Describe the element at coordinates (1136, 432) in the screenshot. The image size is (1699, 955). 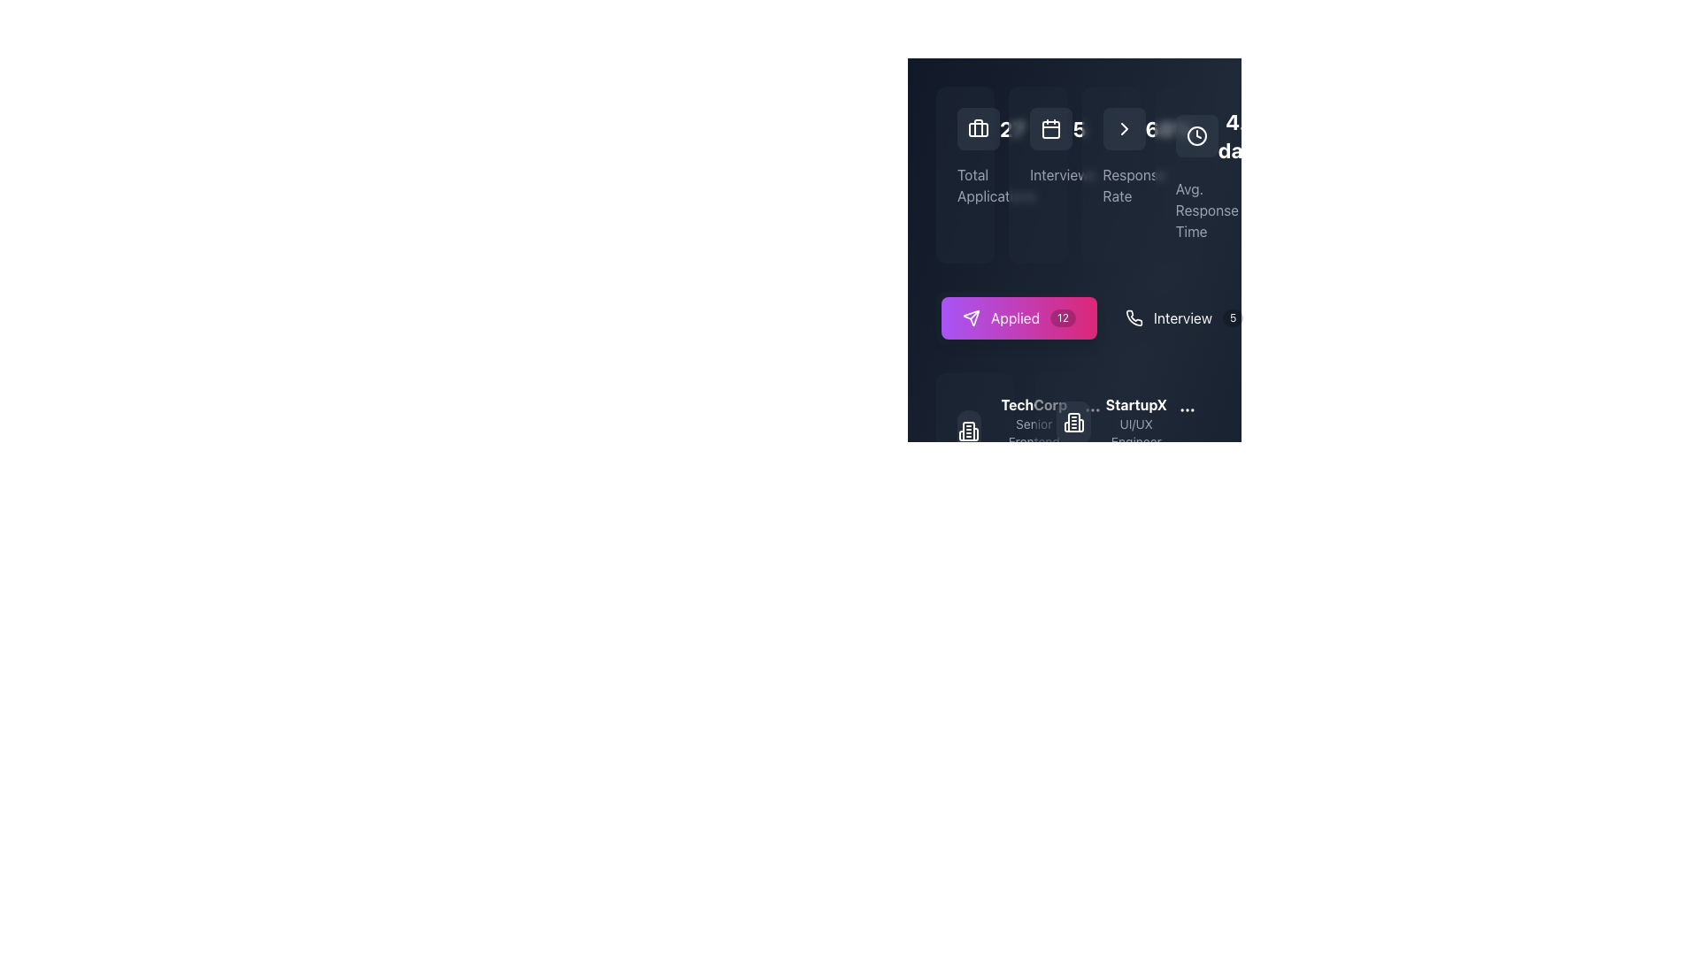
I see `the text label 'UI/UX Engineer' that provides supplementary information related to 'StartupX', located in the lower-right section of the interface` at that location.